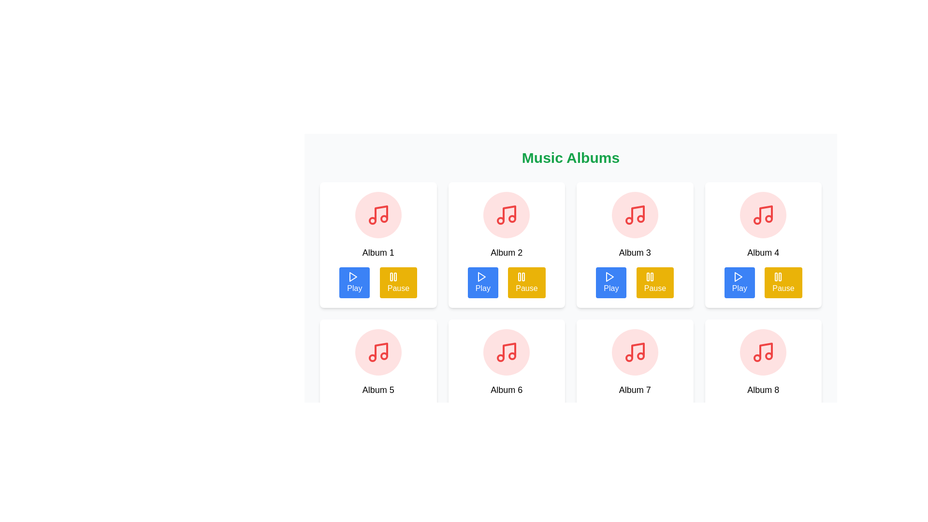  What do you see at coordinates (609, 277) in the screenshot?
I see `the triangular, forward-pointing play icon with a blue background located under the 'Play' button of 'Album 3'` at bounding box center [609, 277].